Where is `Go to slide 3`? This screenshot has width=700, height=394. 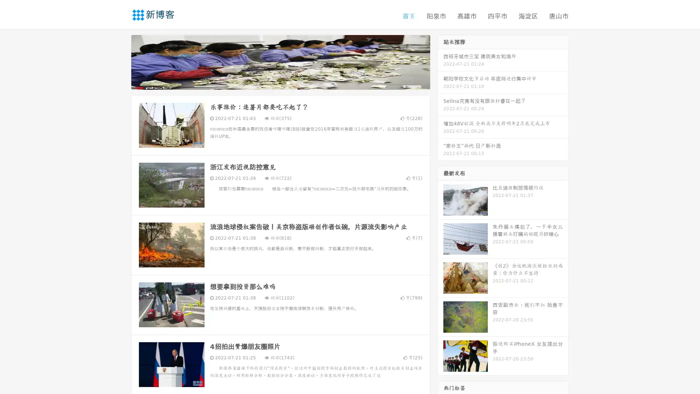
Go to slide 3 is located at coordinates (288, 82).